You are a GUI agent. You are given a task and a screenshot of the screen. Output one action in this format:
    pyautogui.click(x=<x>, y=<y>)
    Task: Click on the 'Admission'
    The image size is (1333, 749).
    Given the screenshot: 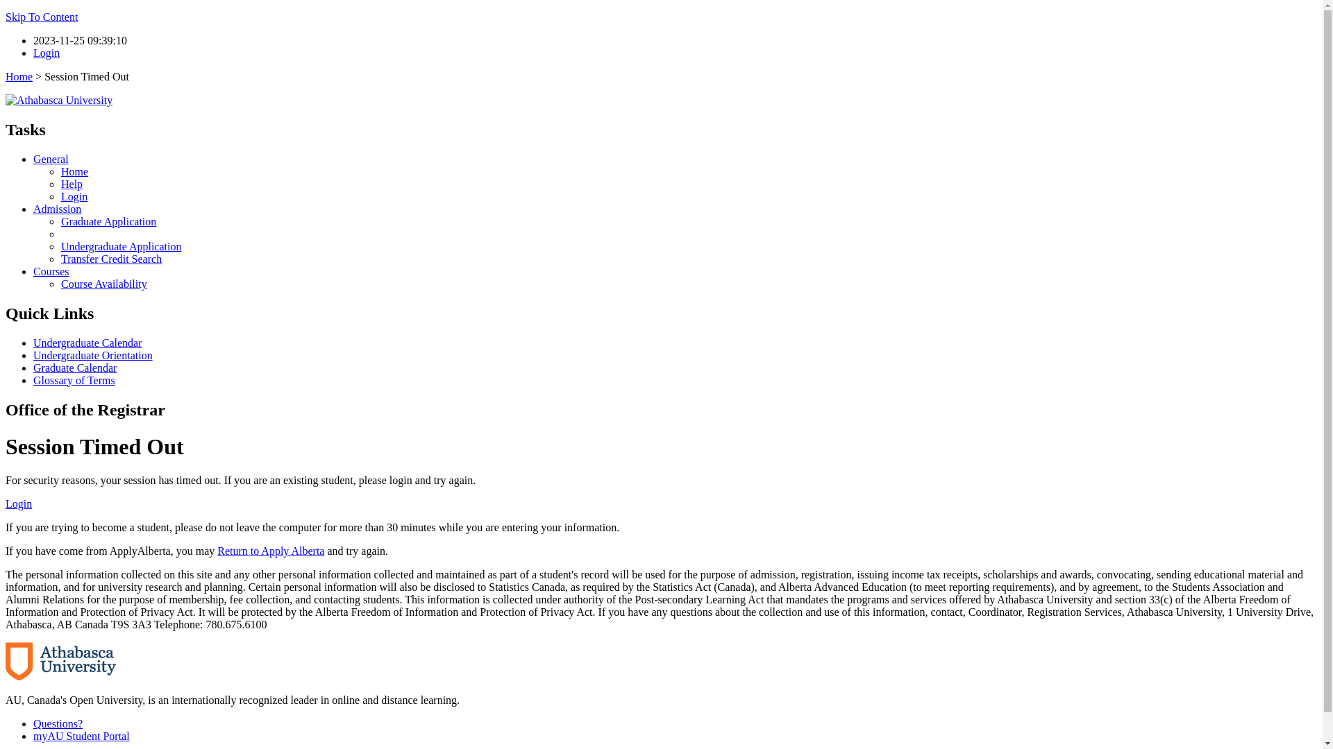 What is the action you would take?
    pyautogui.click(x=56, y=209)
    